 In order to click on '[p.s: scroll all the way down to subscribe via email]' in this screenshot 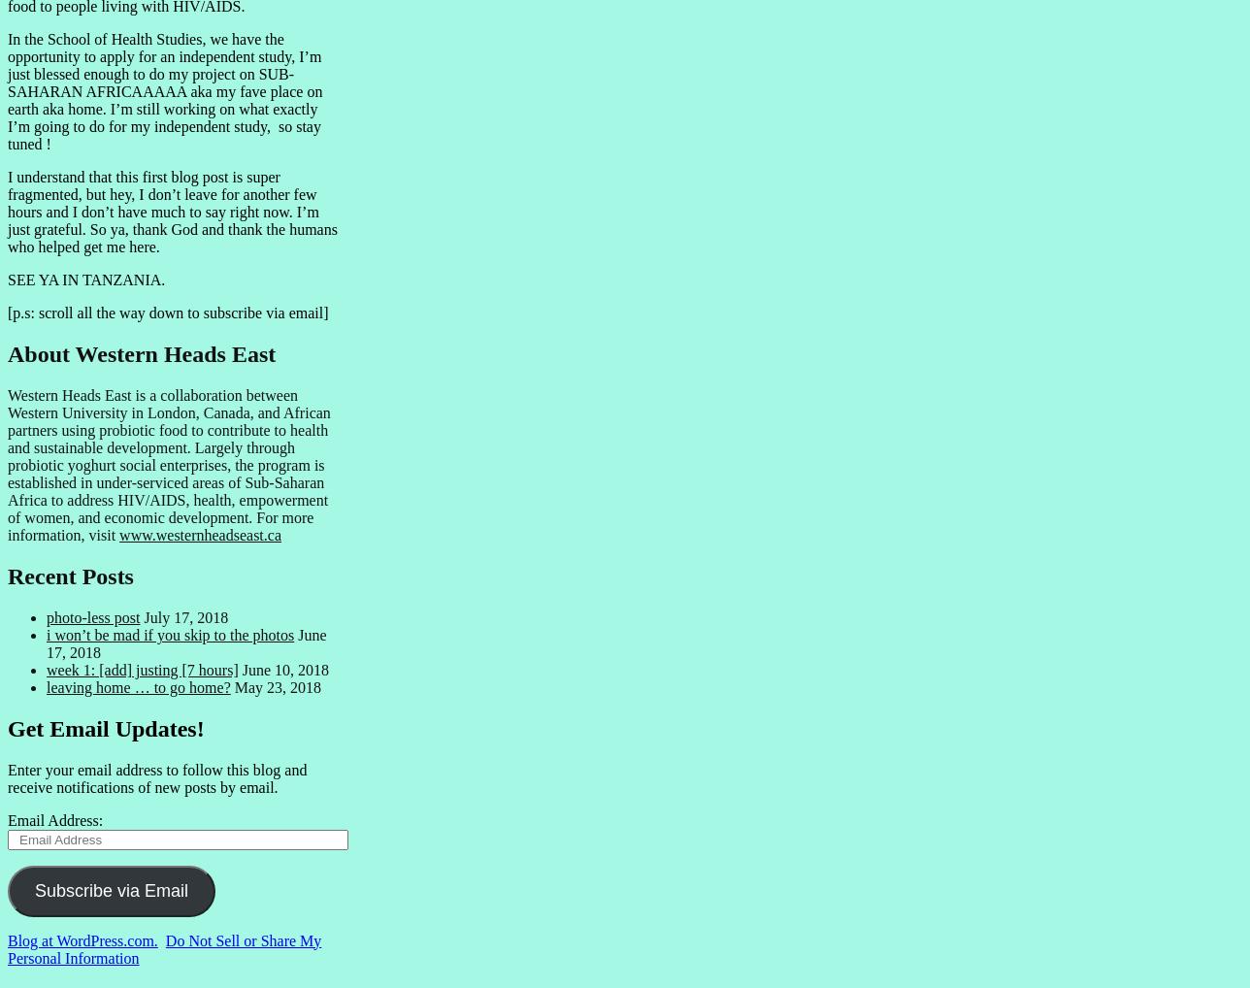, I will do `click(167, 312)`.